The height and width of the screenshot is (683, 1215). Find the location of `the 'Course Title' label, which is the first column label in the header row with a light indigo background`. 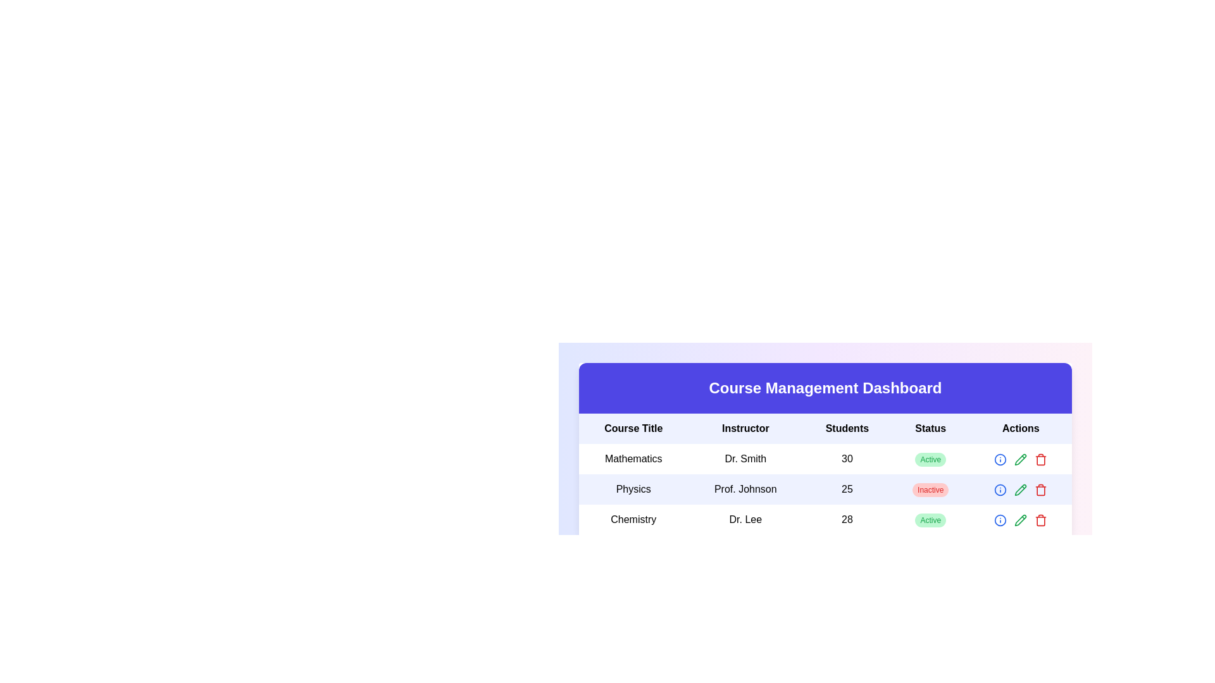

the 'Course Title' label, which is the first column label in the header row with a light indigo background is located at coordinates (633, 428).